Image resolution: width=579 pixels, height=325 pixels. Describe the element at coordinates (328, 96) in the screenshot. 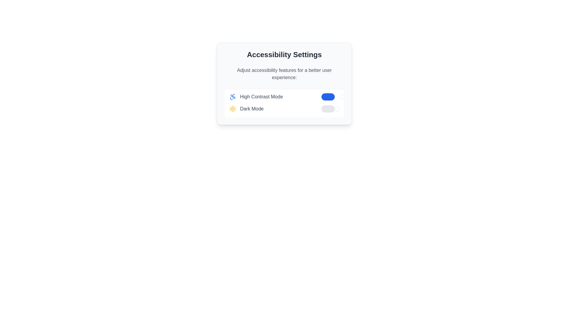

I see `the Toggle indicator background for the 'High Contrast Mode' setting, which visually represents its activation state` at that location.